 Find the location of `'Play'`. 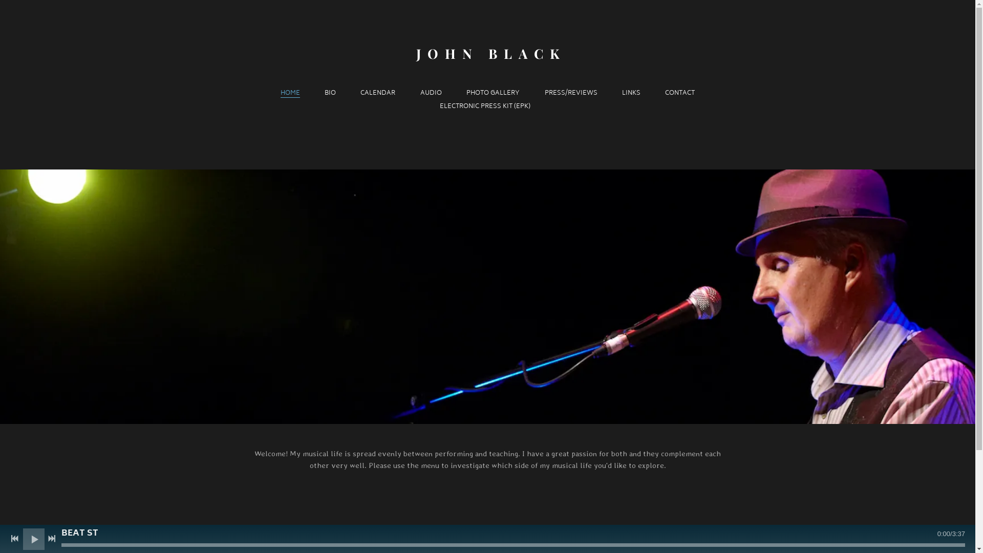

'Play' is located at coordinates (27, 538).